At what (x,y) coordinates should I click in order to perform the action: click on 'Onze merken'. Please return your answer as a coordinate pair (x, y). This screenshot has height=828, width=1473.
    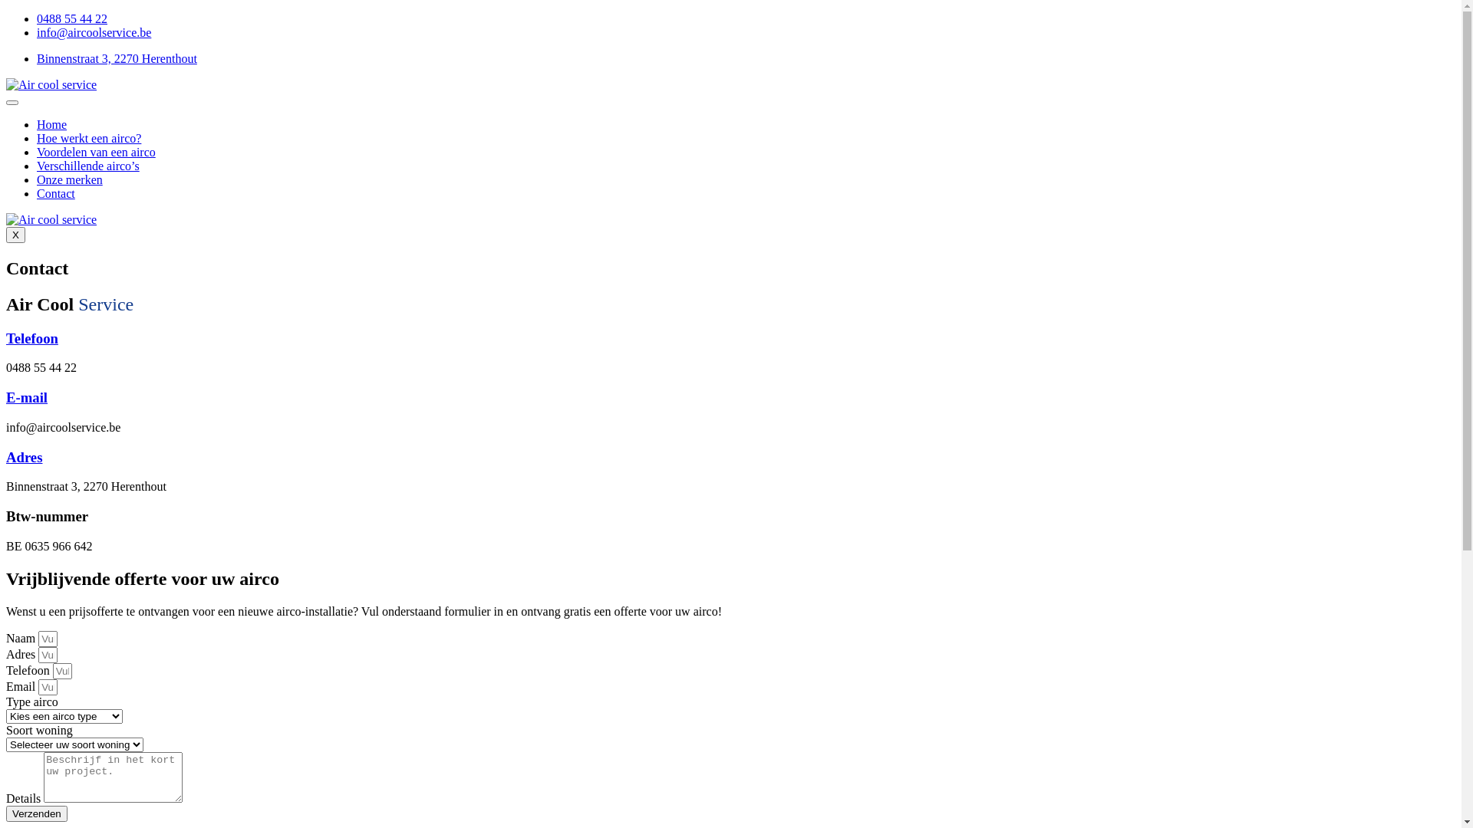
    Looking at the image, I should click on (69, 179).